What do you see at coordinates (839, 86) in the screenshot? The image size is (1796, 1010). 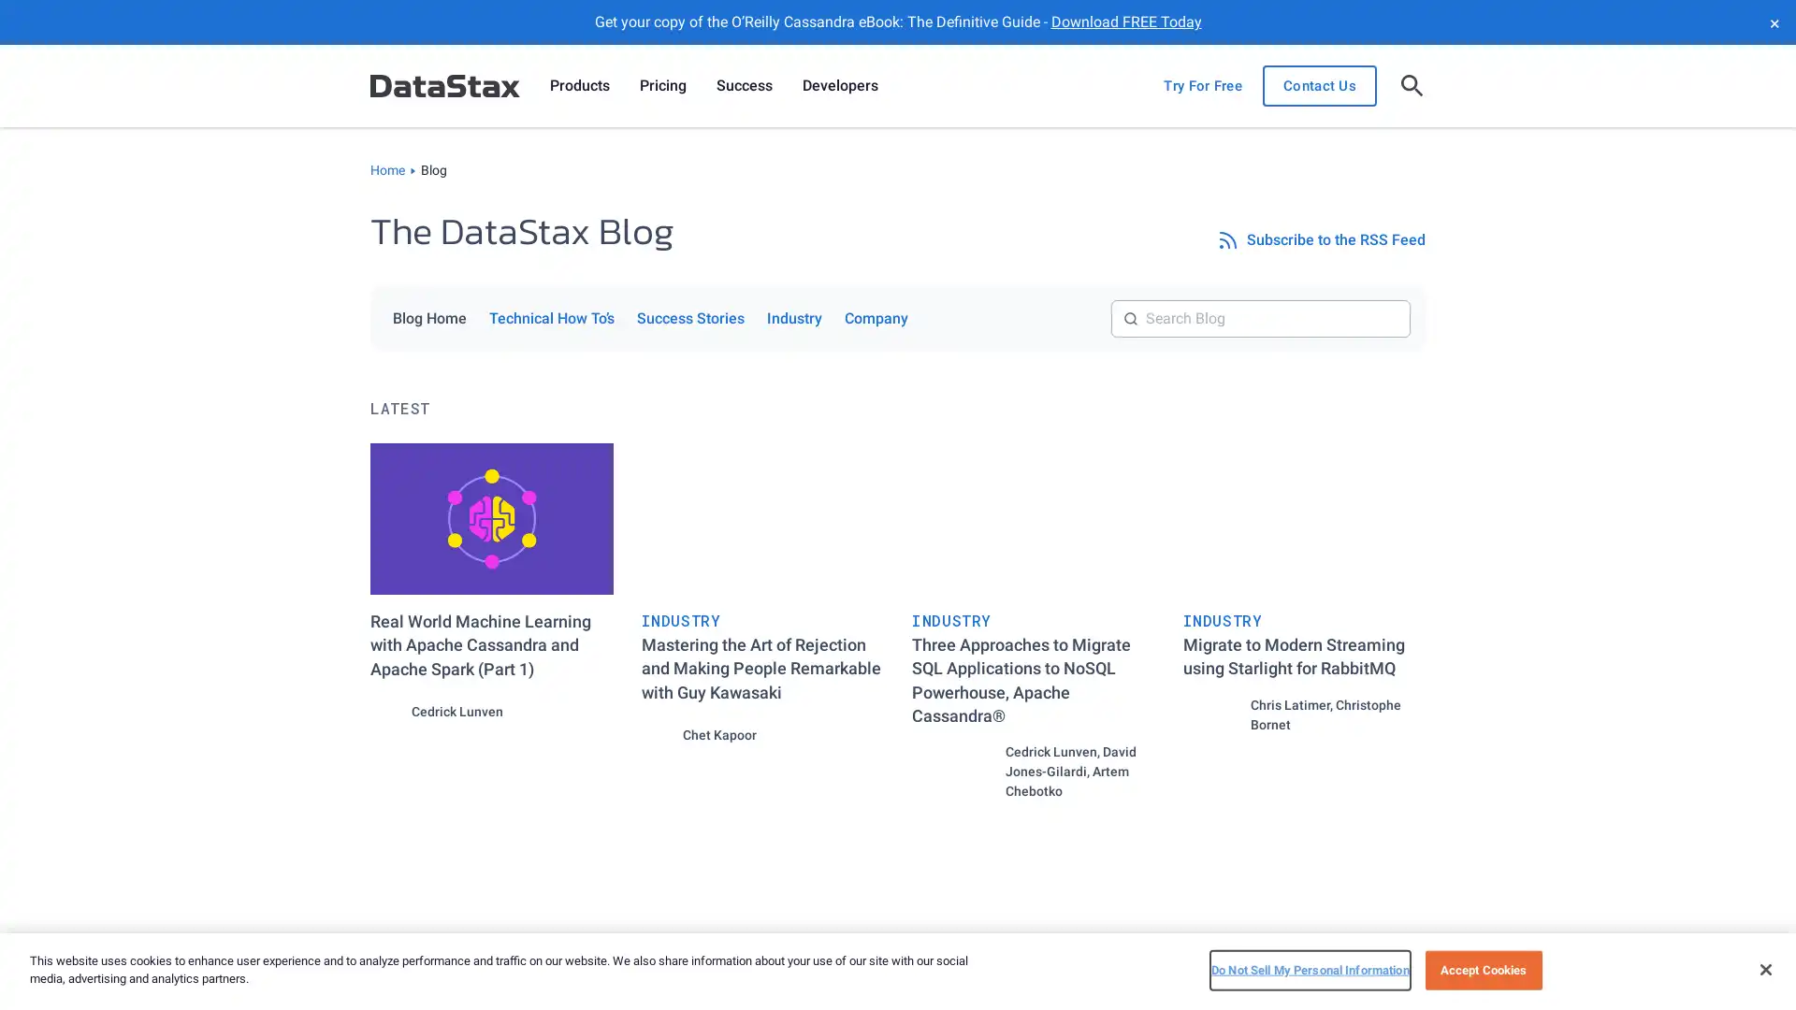 I see `Developers` at bounding box center [839, 86].